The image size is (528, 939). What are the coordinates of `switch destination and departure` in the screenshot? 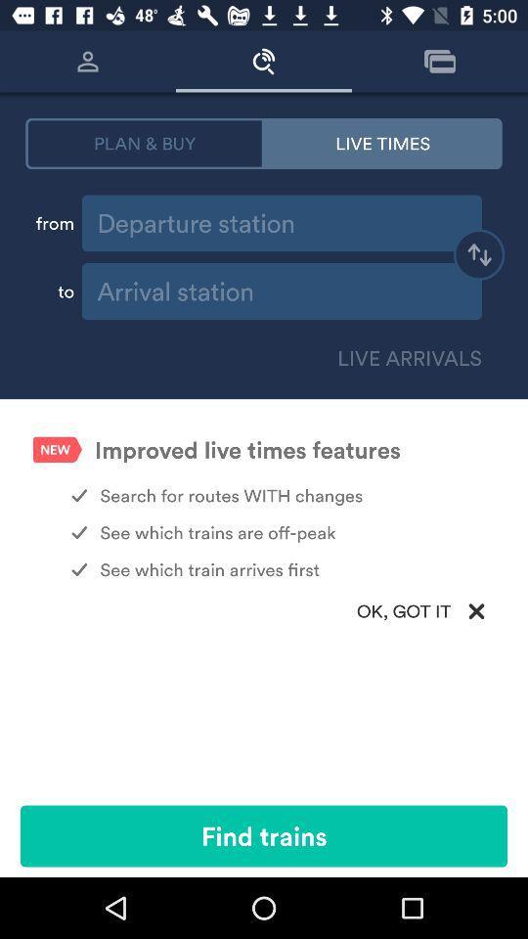 It's located at (478, 256).